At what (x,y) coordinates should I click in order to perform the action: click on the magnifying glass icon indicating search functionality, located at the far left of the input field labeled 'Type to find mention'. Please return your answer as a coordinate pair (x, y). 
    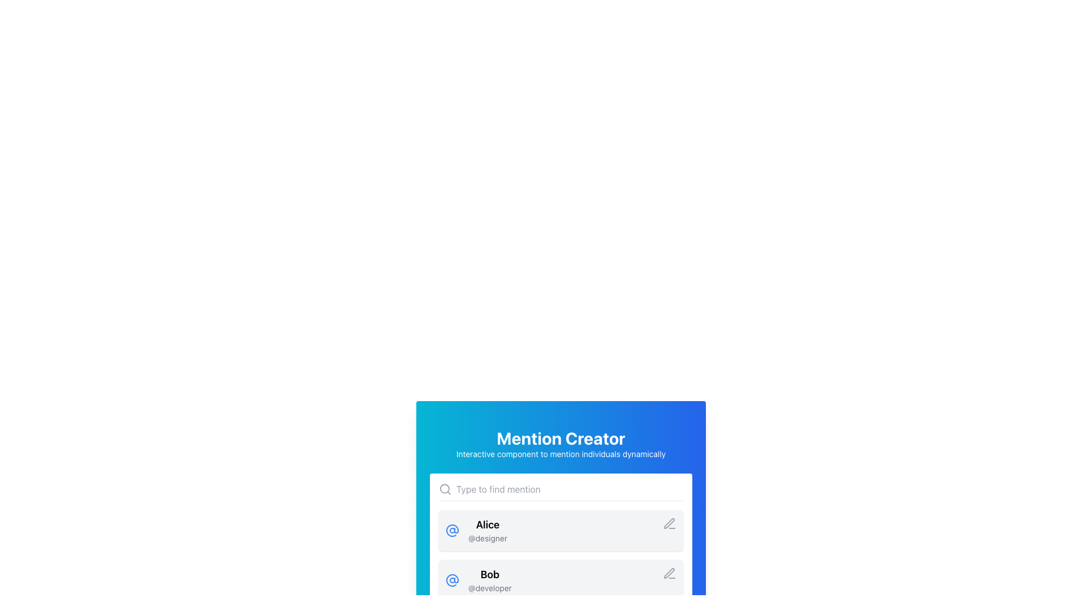
    Looking at the image, I should click on (445, 488).